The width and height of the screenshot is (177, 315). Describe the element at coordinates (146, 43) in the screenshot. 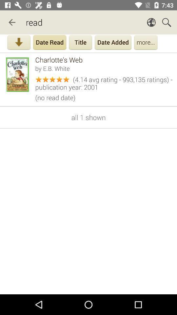

I see `the icon to the right of date added` at that location.